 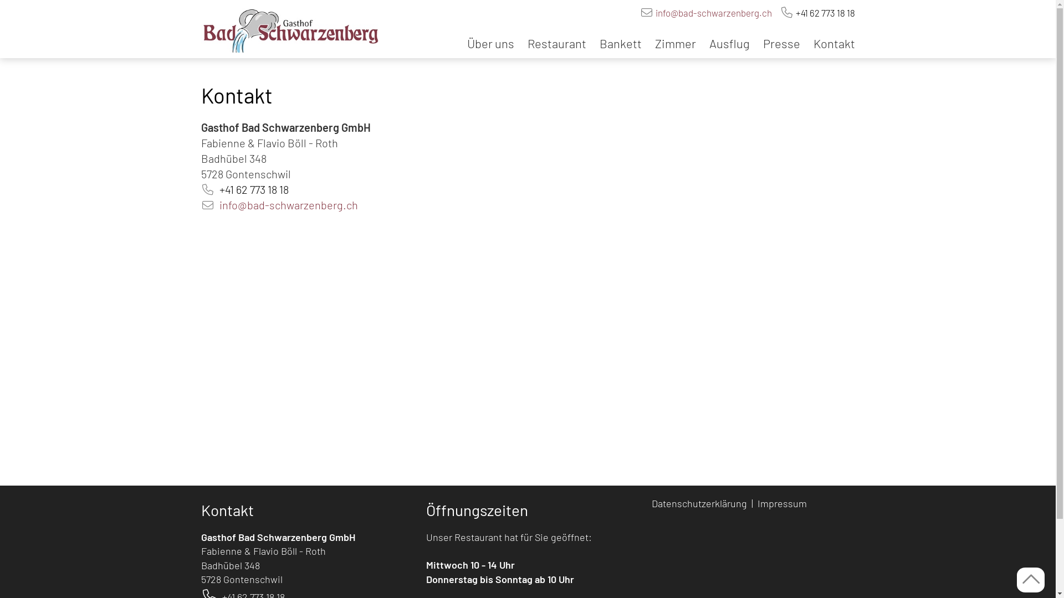 What do you see at coordinates (780, 43) in the screenshot?
I see `'Presse'` at bounding box center [780, 43].